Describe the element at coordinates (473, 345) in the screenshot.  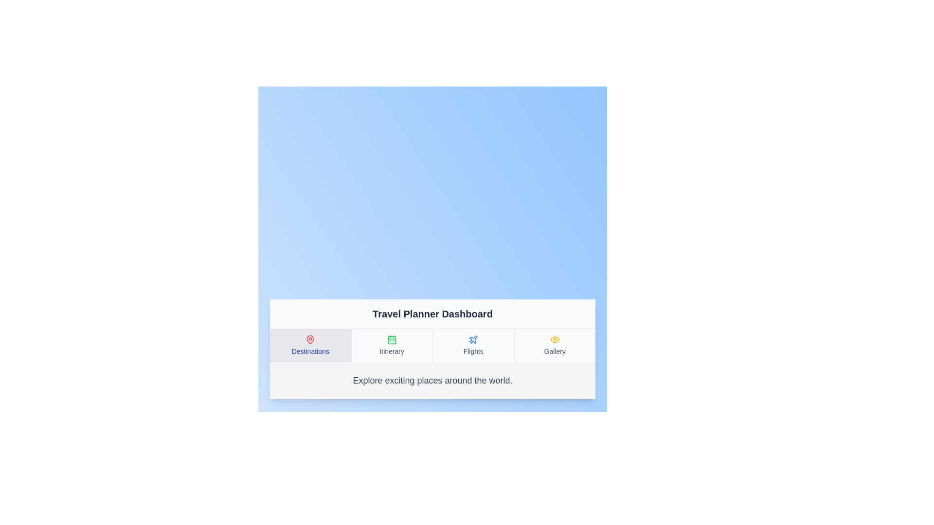
I see `the 'Flights' navigation button located in the navigation bar, which is the third button between 'Itinerary' and 'Gallery'` at that location.